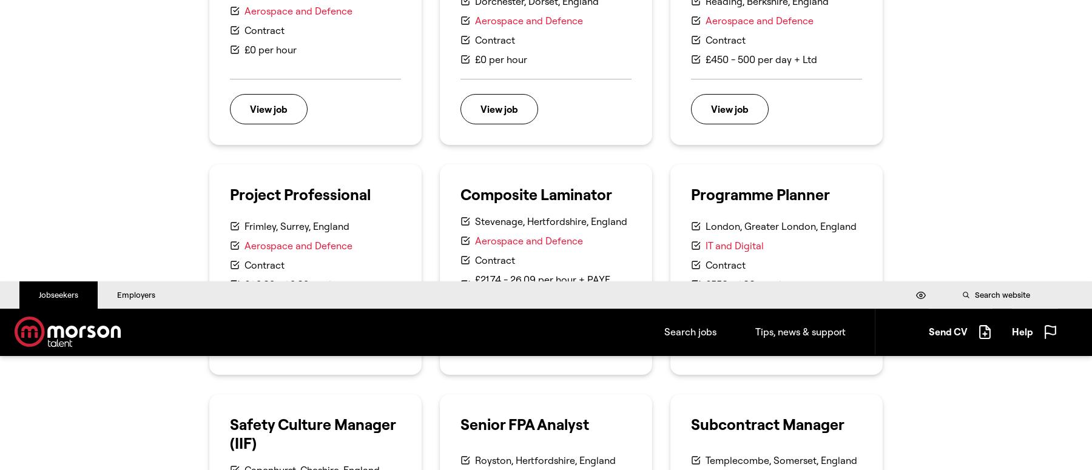 This screenshot has height=470, width=1092. Describe the element at coordinates (268, 136) in the screenshot. I see `'© Copyright 2023 Morson Talent'` at that location.